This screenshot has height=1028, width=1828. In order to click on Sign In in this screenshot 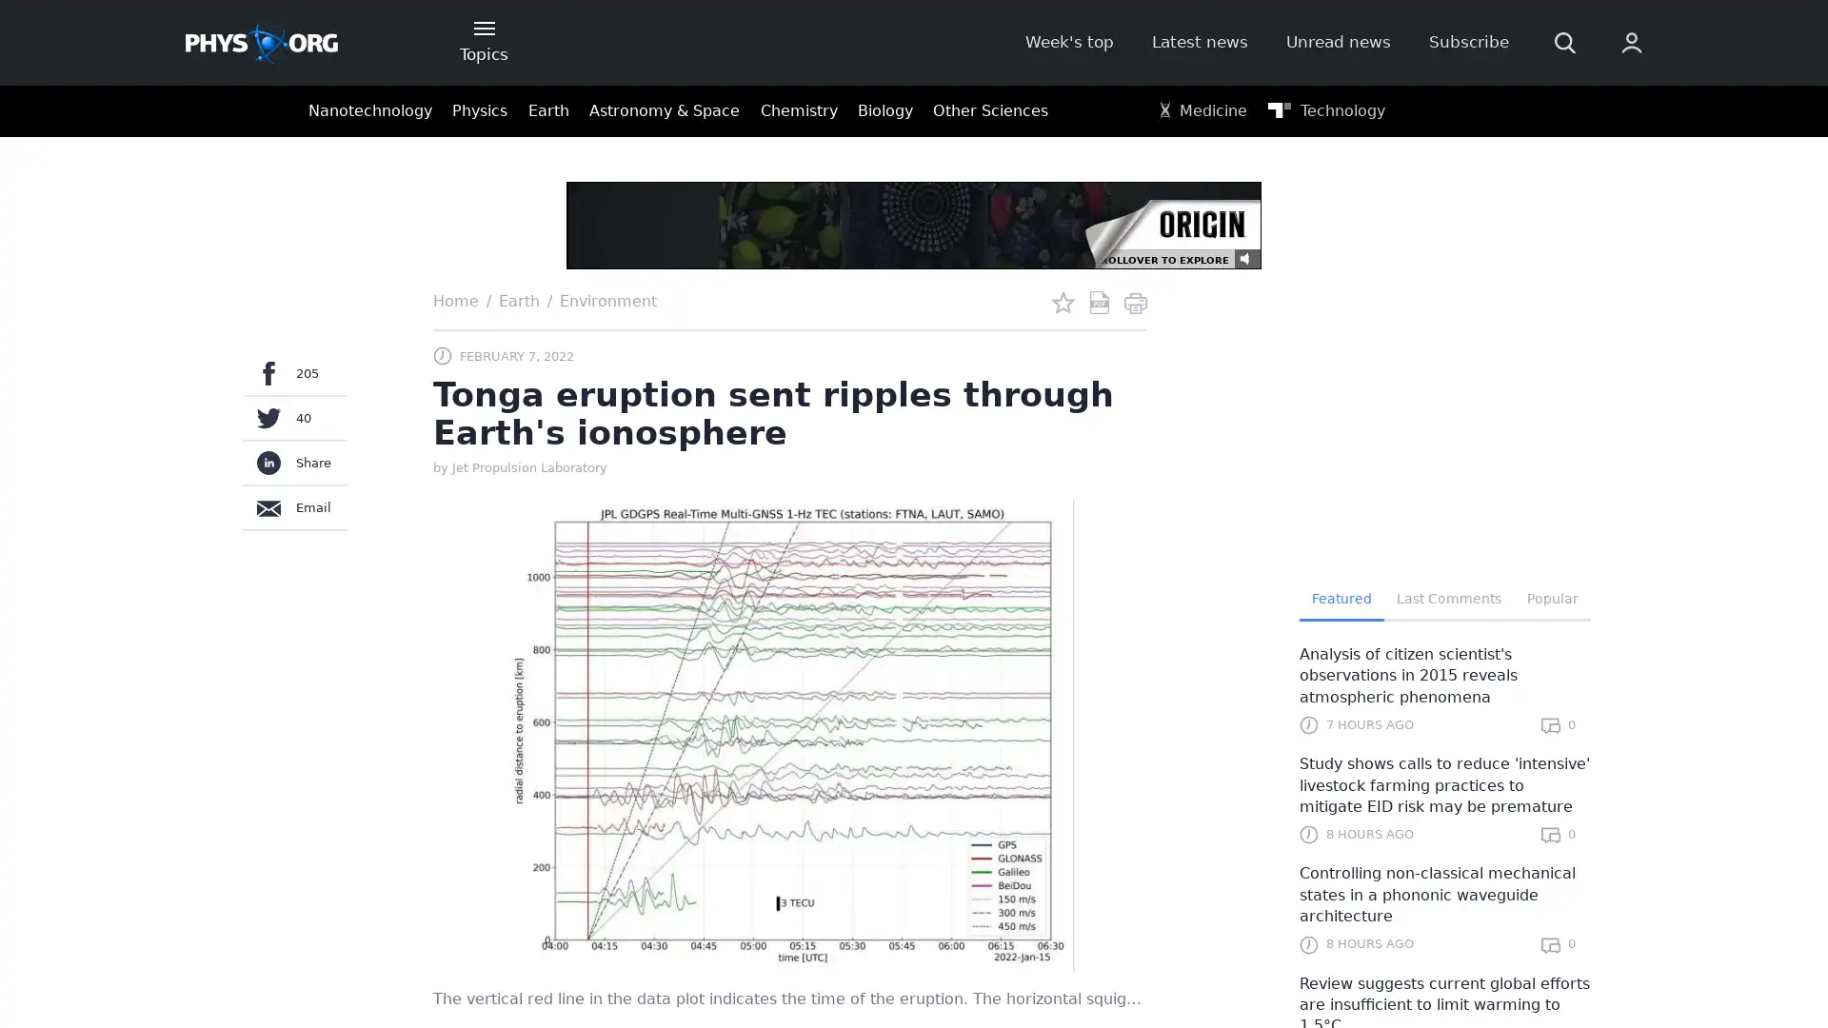, I will do `click(1397, 321)`.